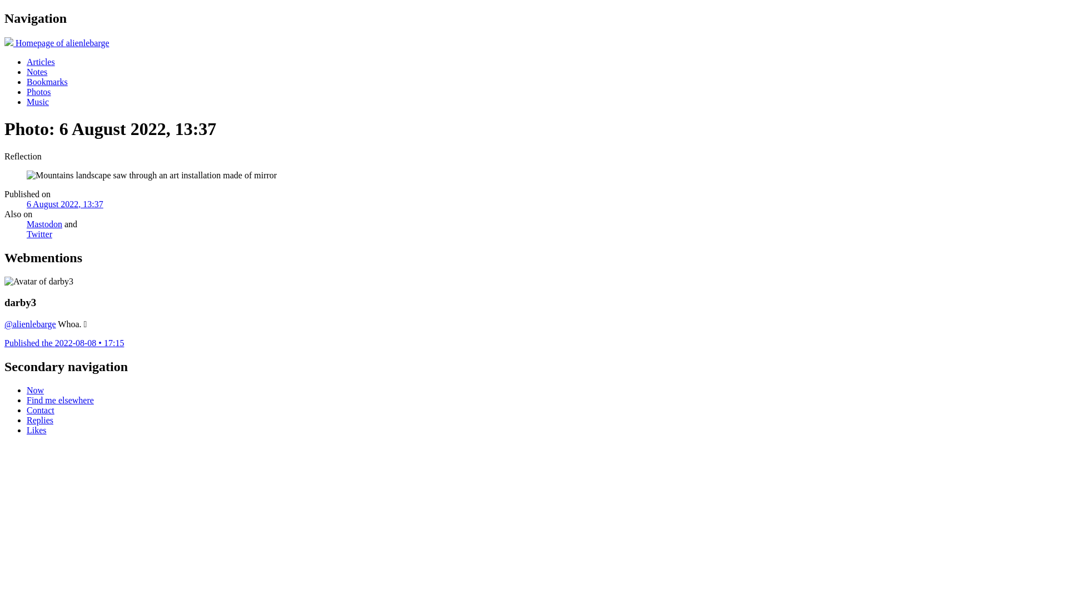 This screenshot has width=1067, height=600. I want to click on 'Now', so click(35, 389).